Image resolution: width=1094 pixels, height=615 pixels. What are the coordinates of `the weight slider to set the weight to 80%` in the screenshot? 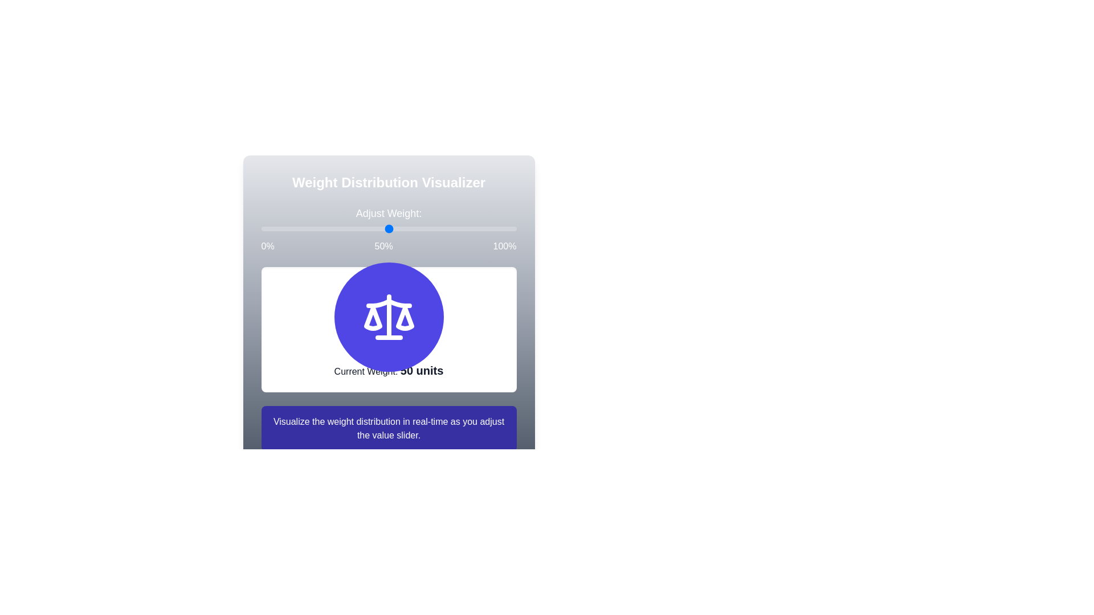 It's located at (260, 228).